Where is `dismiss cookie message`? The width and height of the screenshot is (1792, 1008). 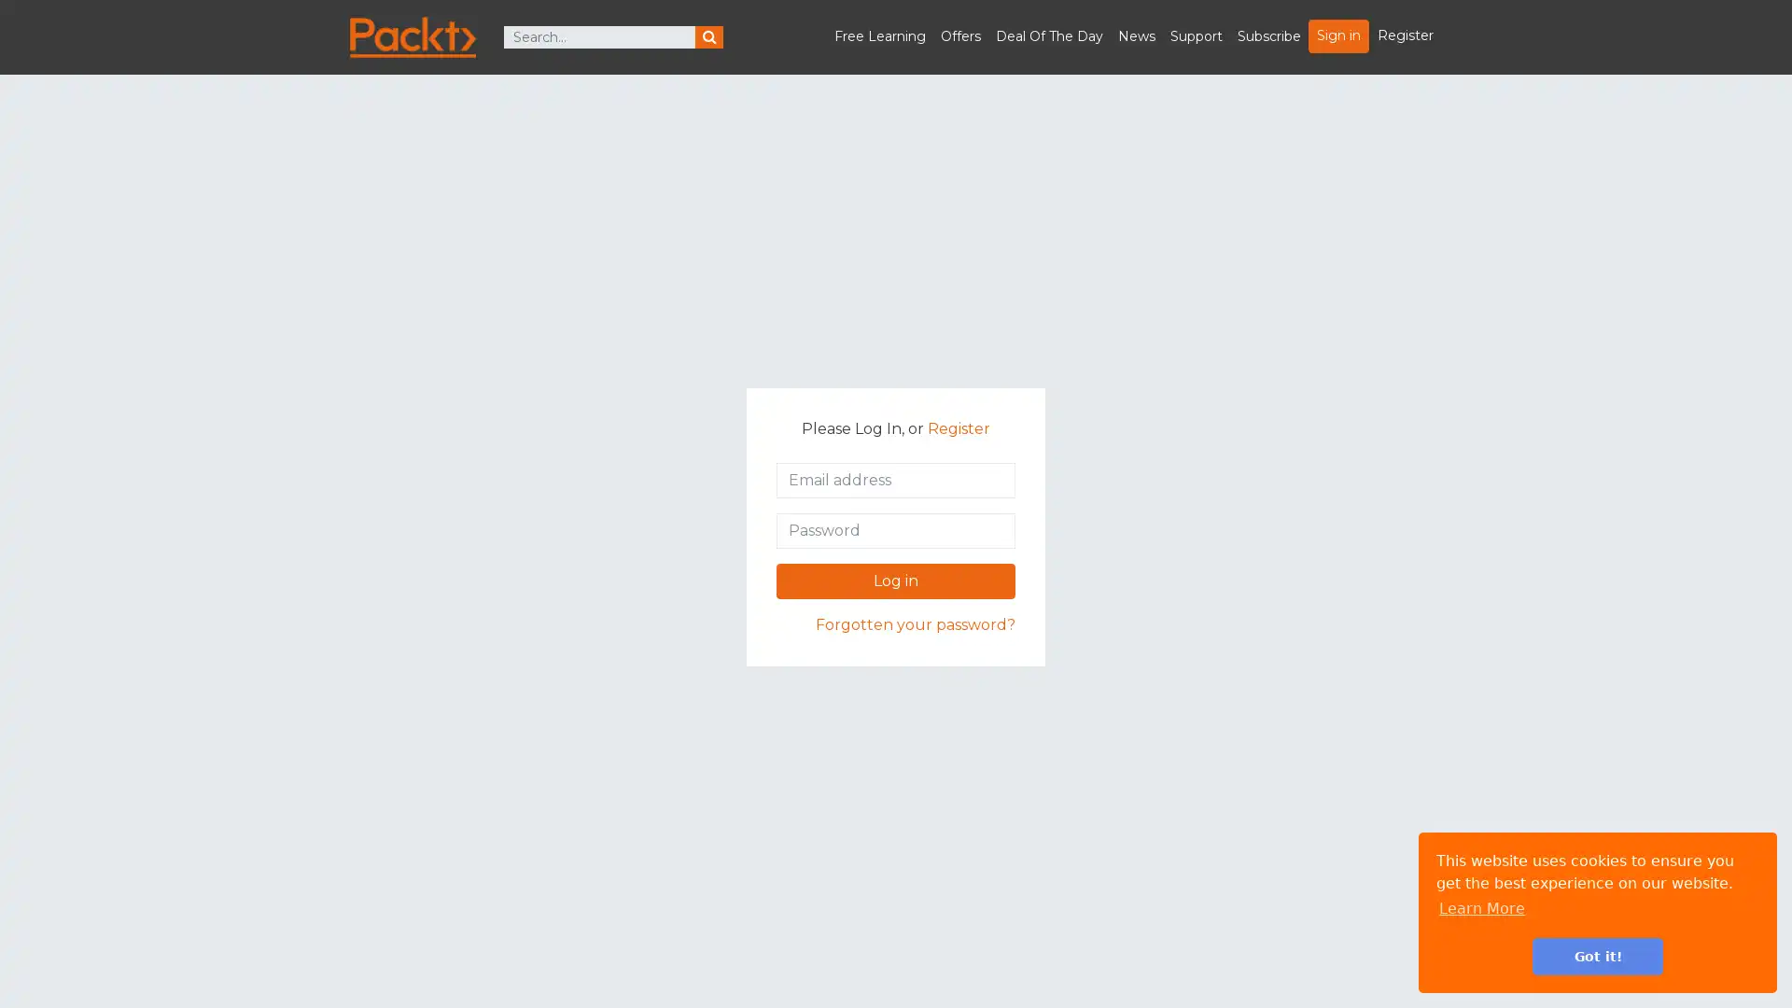 dismiss cookie message is located at coordinates (1597, 956).